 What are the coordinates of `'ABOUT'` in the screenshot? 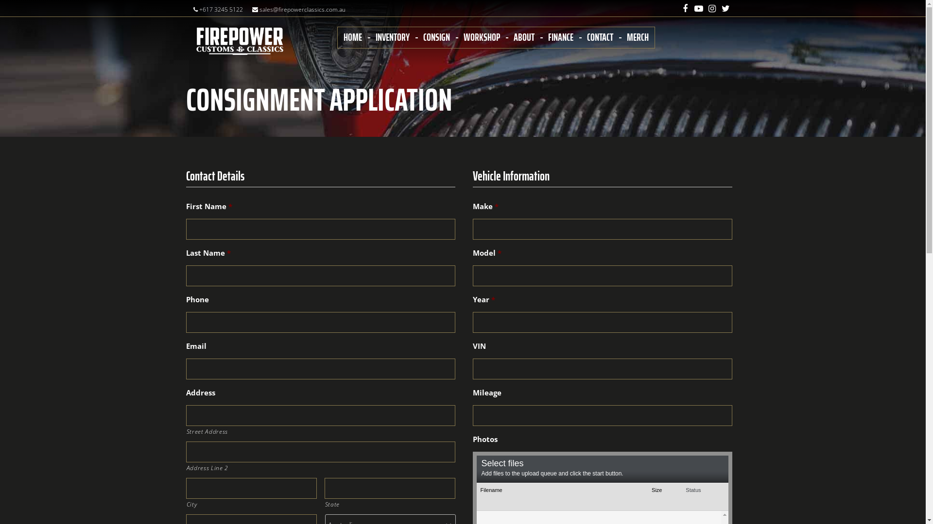 It's located at (523, 36).